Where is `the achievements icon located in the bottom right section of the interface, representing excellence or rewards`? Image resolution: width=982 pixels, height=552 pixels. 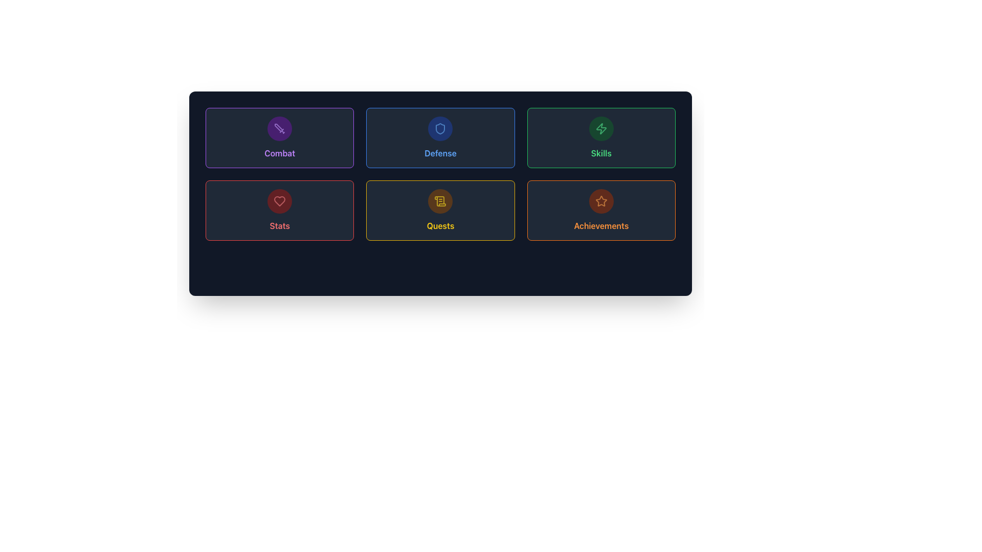 the achievements icon located in the bottom right section of the interface, representing excellence or rewards is located at coordinates (601, 201).